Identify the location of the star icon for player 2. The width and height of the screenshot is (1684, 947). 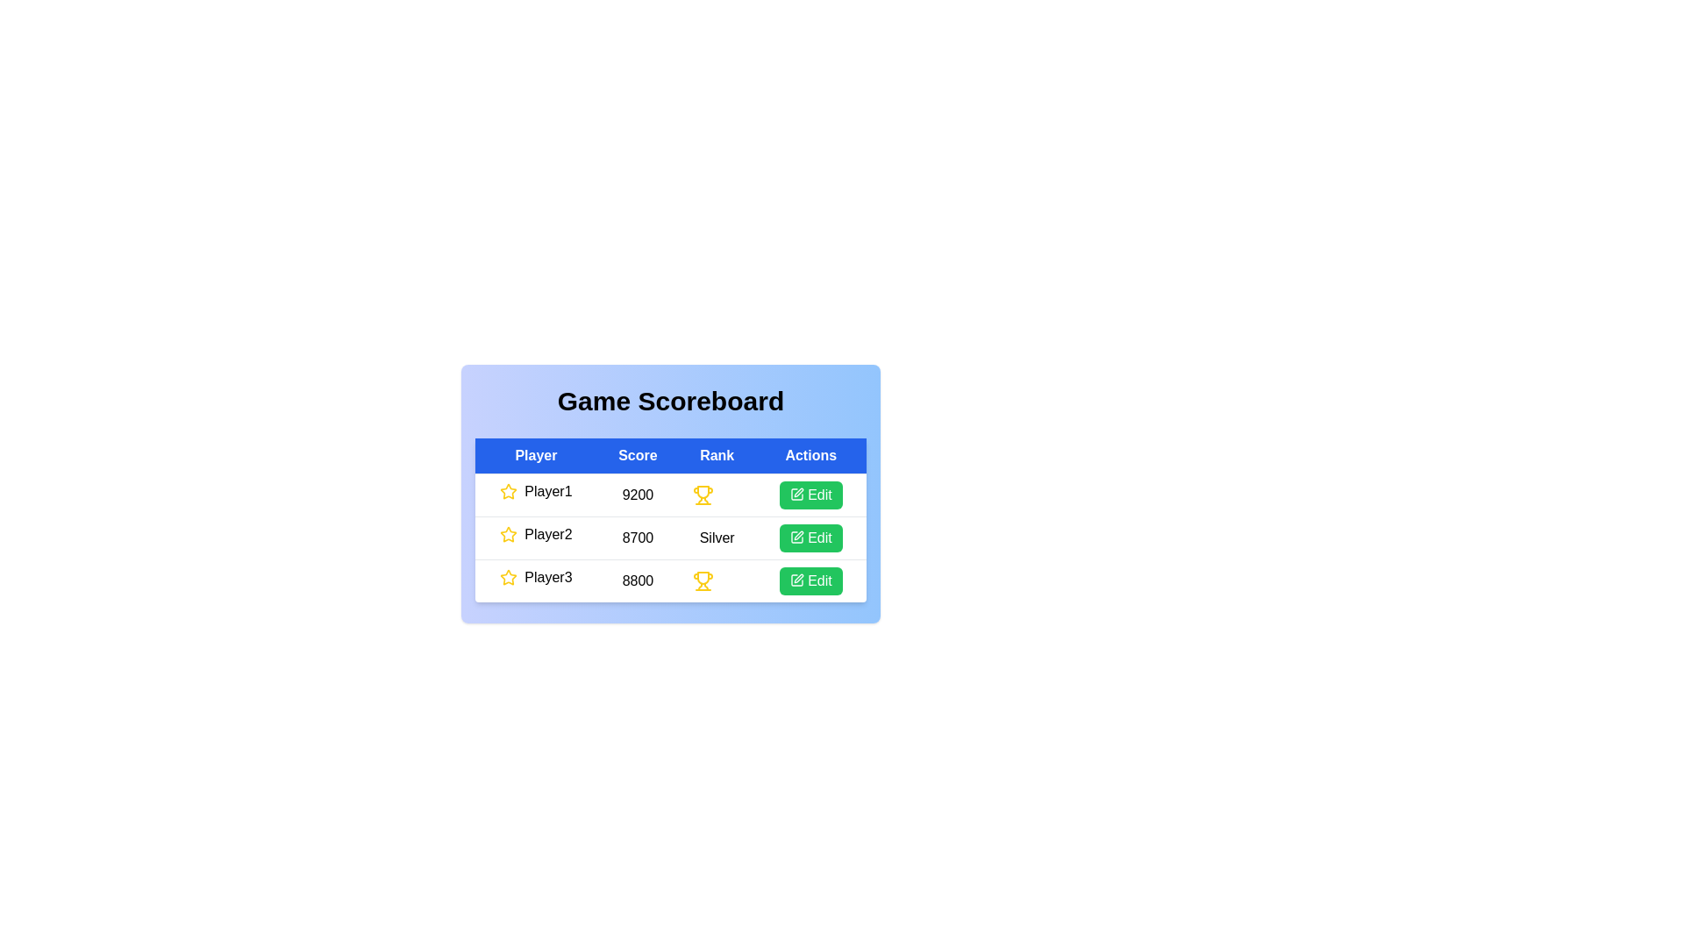
(508, 533).